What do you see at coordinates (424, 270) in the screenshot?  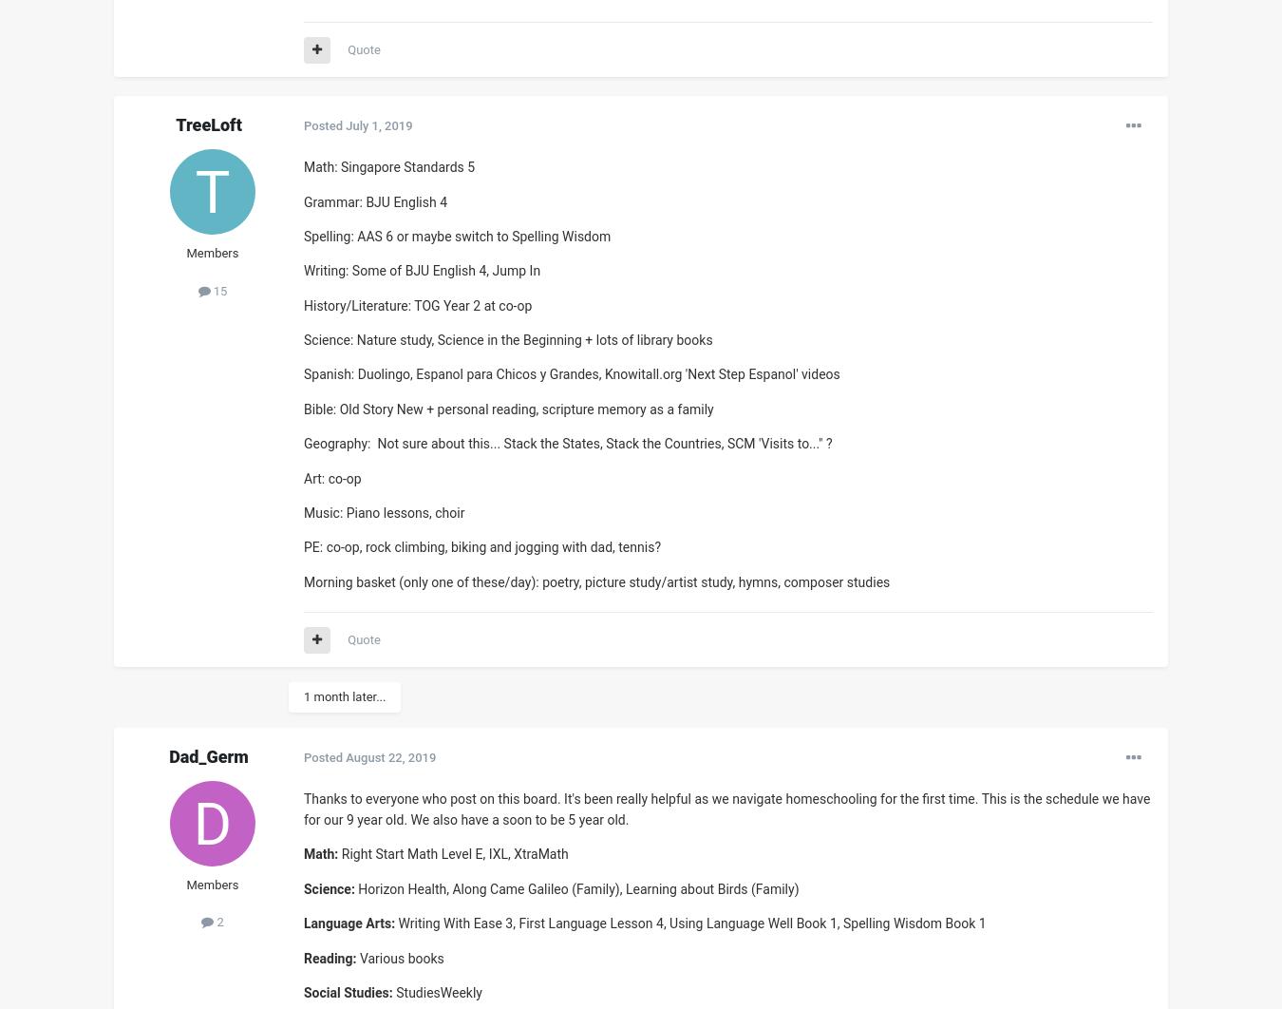 I see `'Writing: Some of BJU English 4, Jump In'` at bounding box center [424, 270].